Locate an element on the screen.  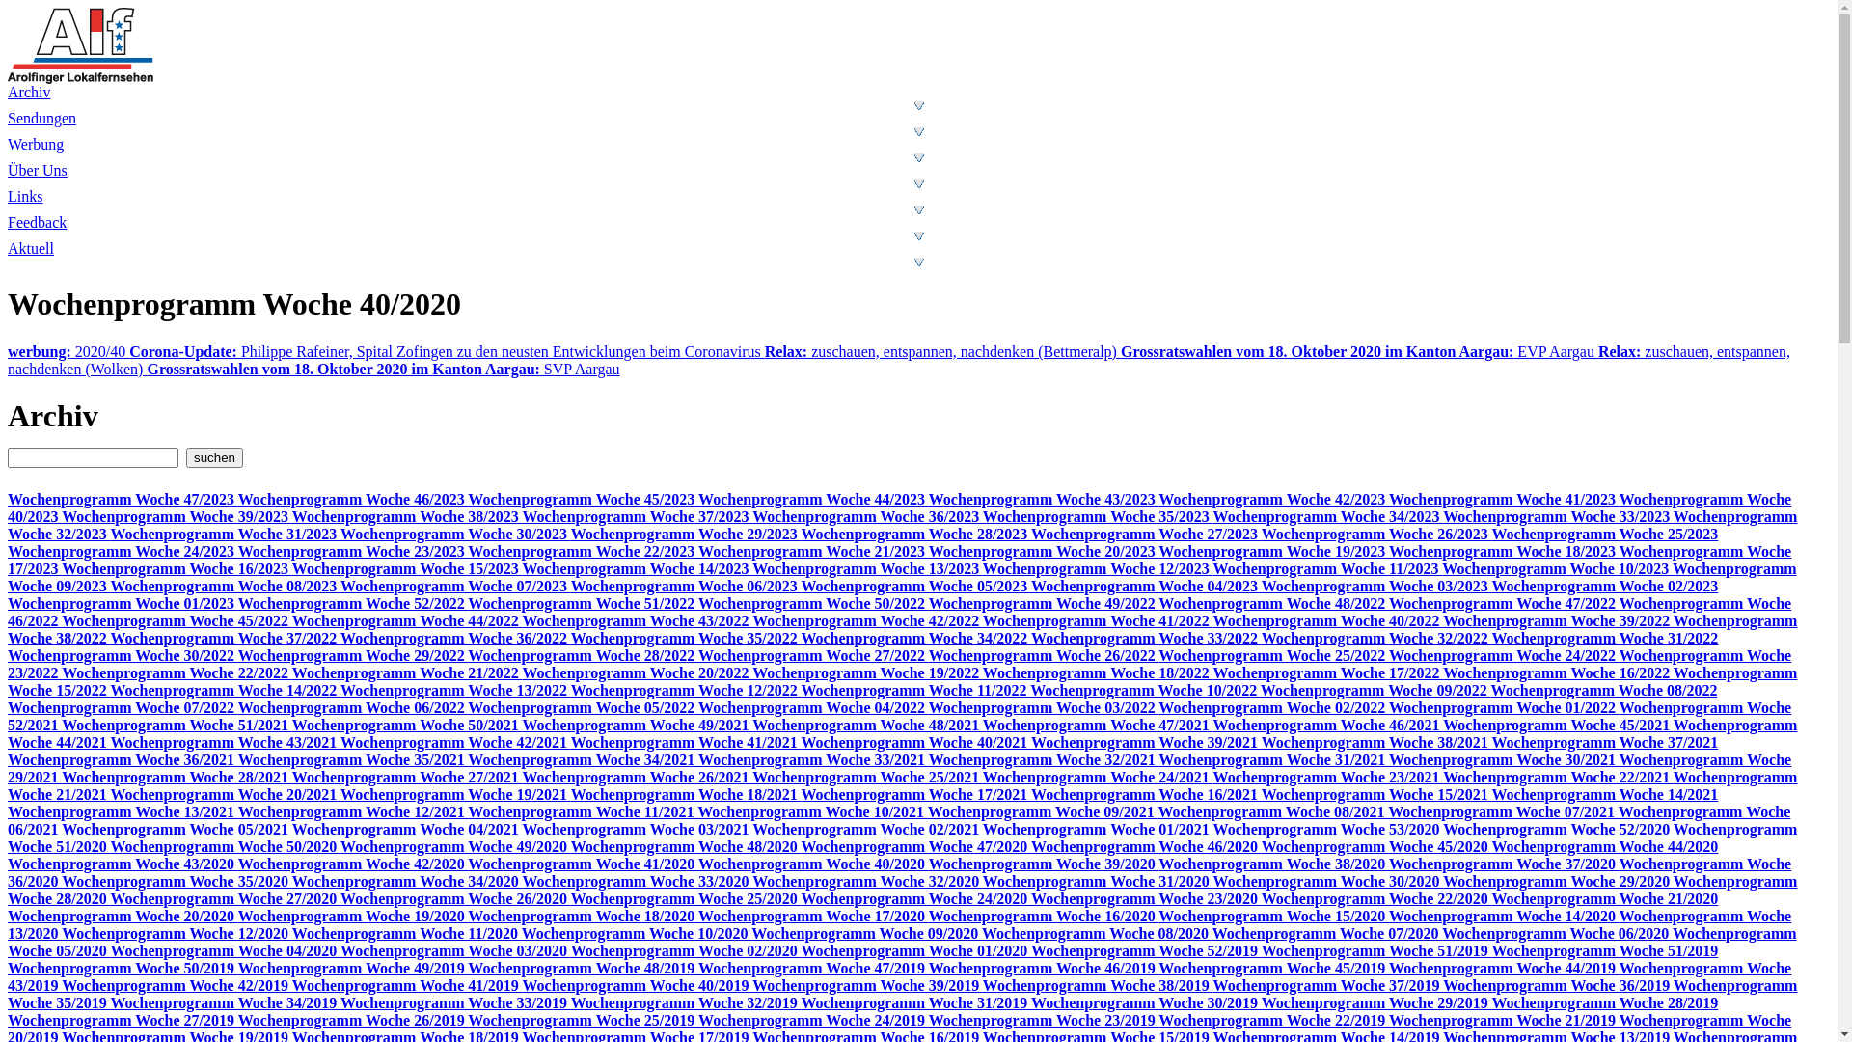
'Wochenprogramm Woche 20/2021' is located at coordinates (225, 794).